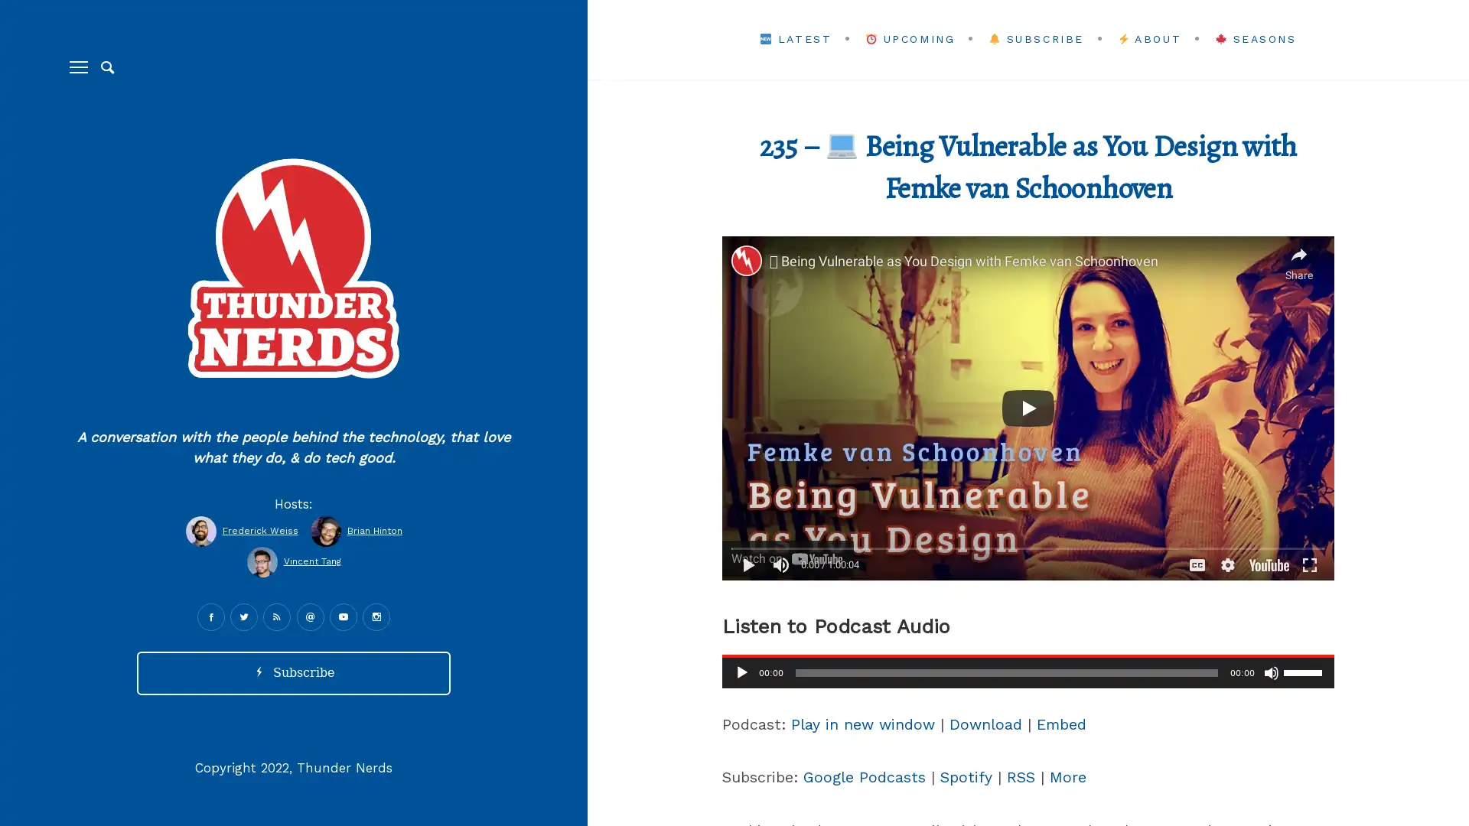  I want to click on Mute, so click(1271, 672).